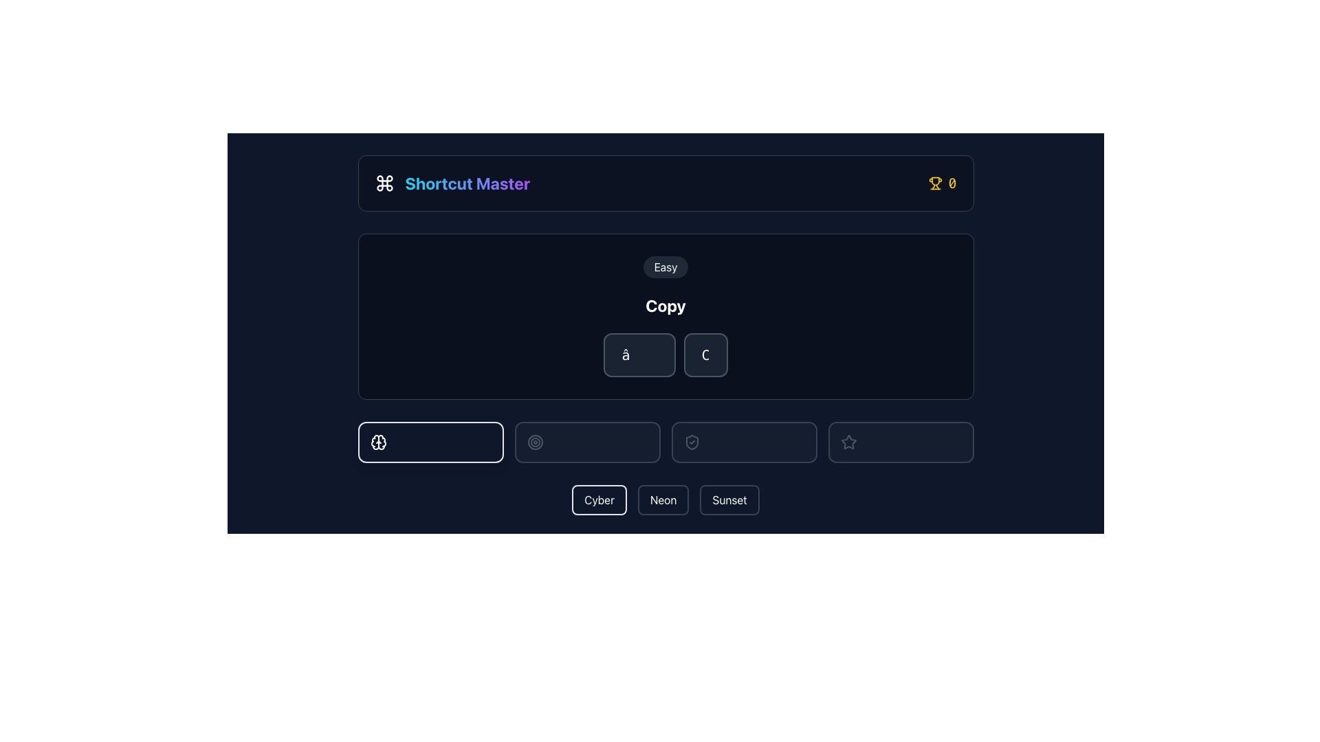 The image size is (1320, 742). Describe the element at coordinates (378, 442) in the screenshot. I see `the brain-like icon inside the first button of the horizontal button group at the bottom of the interface` at that location.